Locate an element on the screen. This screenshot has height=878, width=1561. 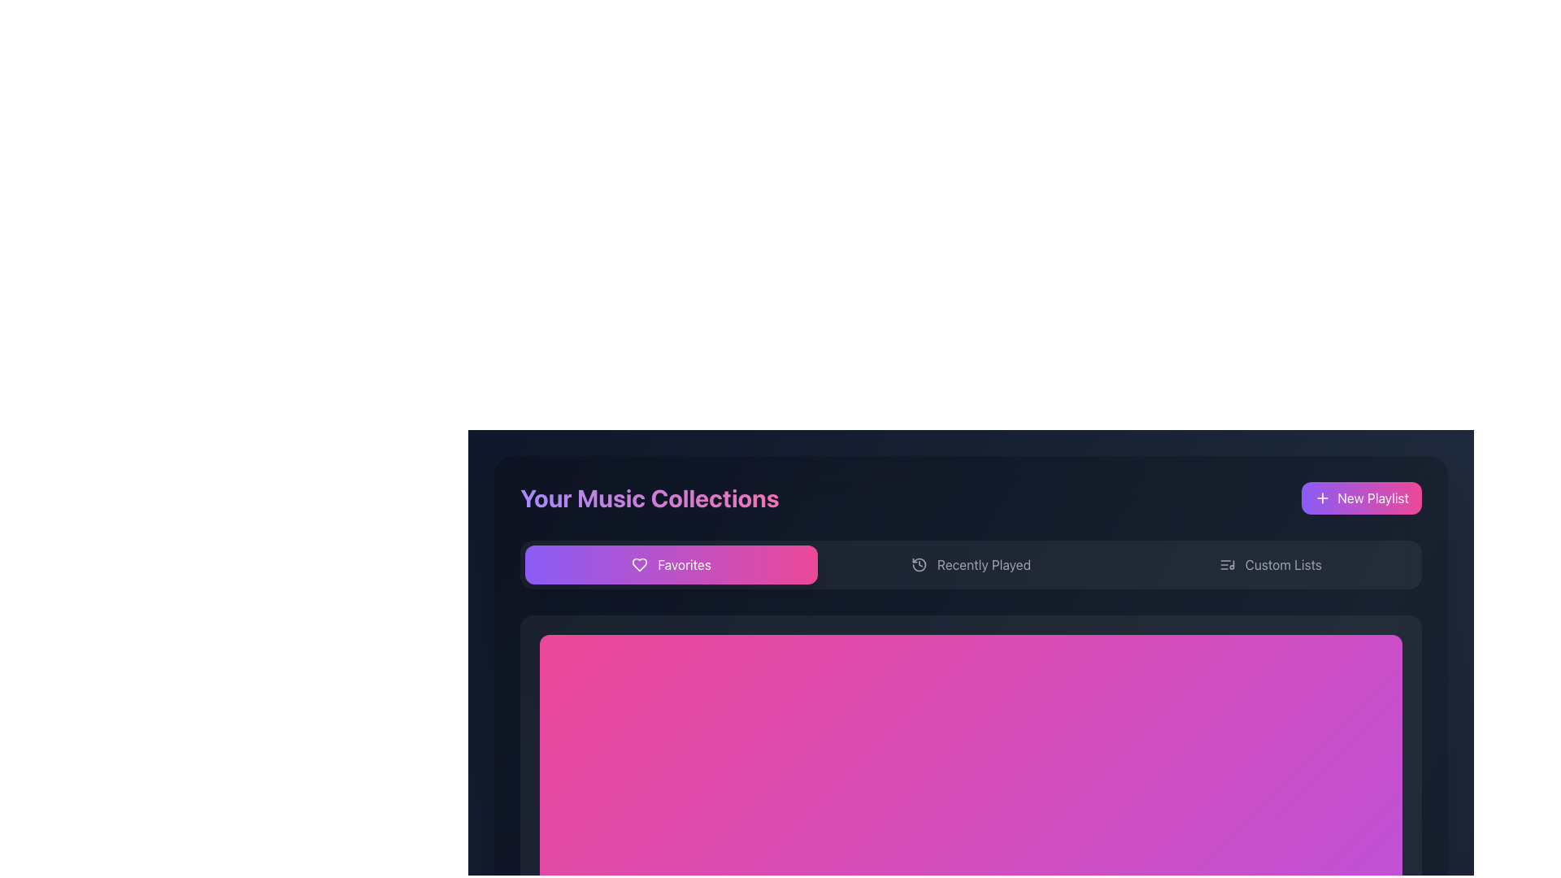
the circular clock icon with a gray outline located between the 'Favorites' button and the 'Recently Played' label in the 'Recently Played' section is located at coordinates (919, 563).